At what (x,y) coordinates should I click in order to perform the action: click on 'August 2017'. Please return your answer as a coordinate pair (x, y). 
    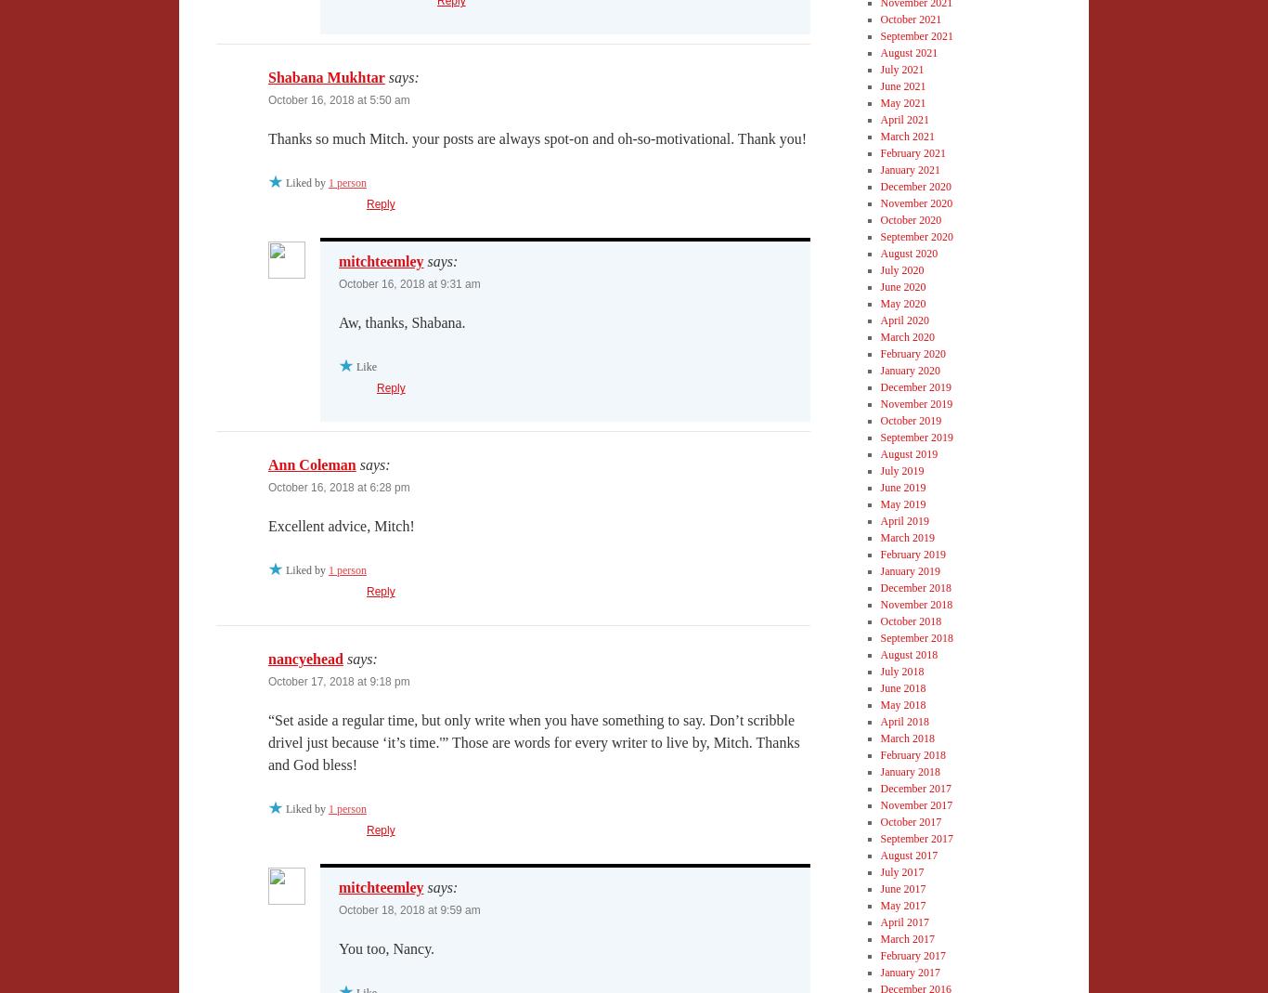
    Looking at the image, I should click on (909, 853).